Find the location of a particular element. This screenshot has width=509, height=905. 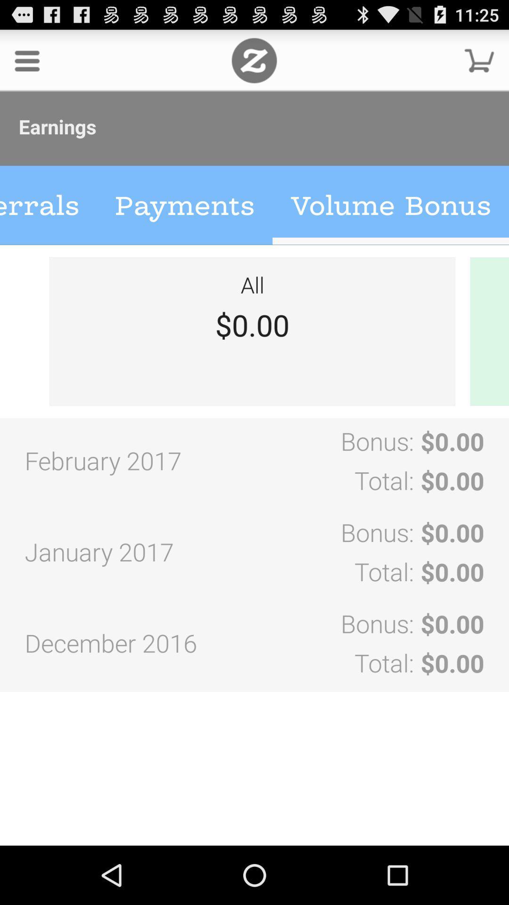

open shopping cart is located at coordinates (479, 60).